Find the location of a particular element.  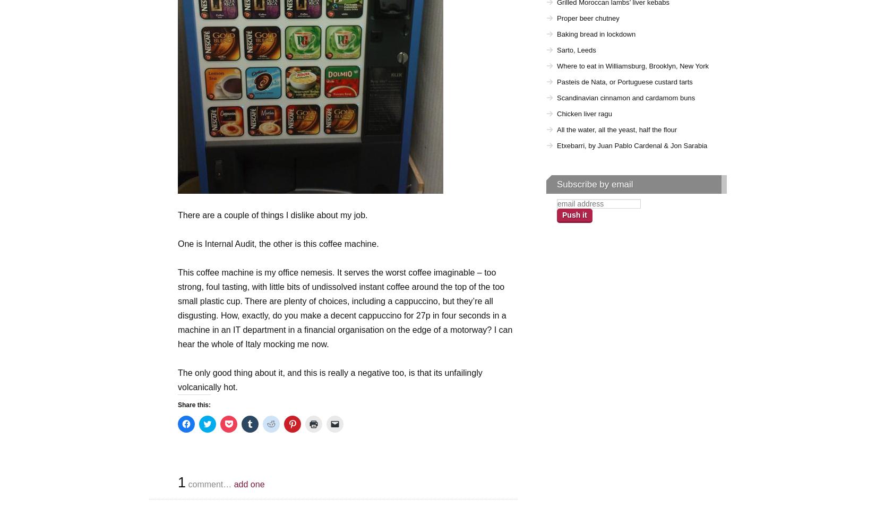

'Etxebarri, by Juan Pablo Cardenal & Jon Sarabia' is located at coordinates (632, 145).